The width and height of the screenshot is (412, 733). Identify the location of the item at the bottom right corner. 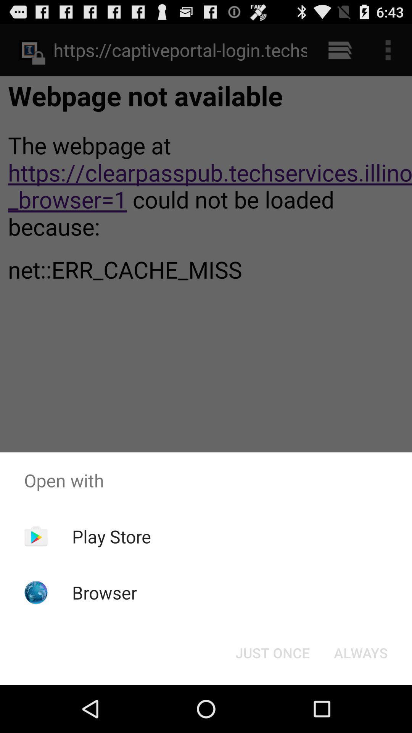
(360, 652).